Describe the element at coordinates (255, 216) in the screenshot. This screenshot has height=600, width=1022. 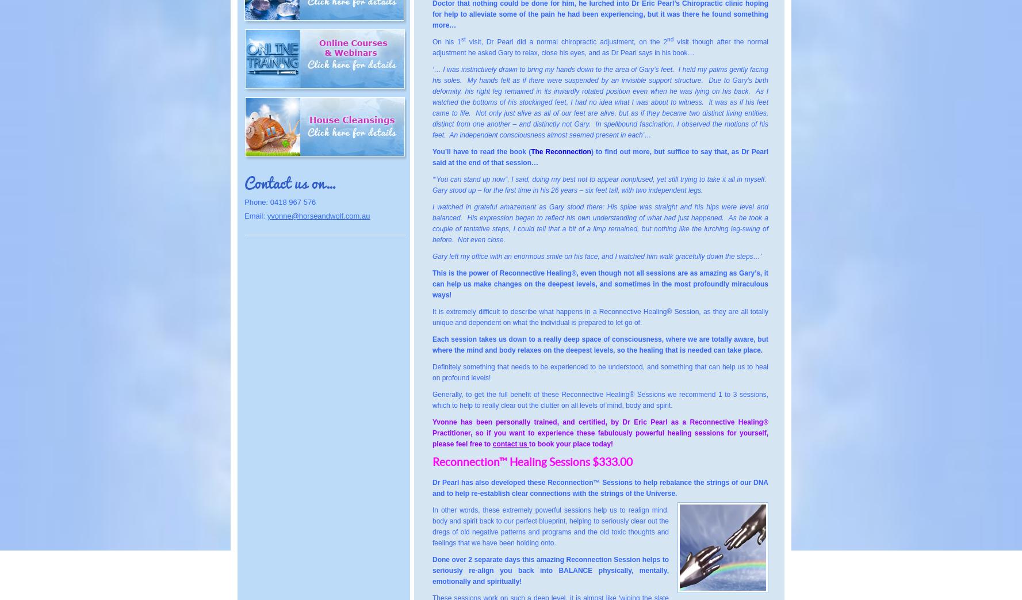
I see `'Email:'` at that location.